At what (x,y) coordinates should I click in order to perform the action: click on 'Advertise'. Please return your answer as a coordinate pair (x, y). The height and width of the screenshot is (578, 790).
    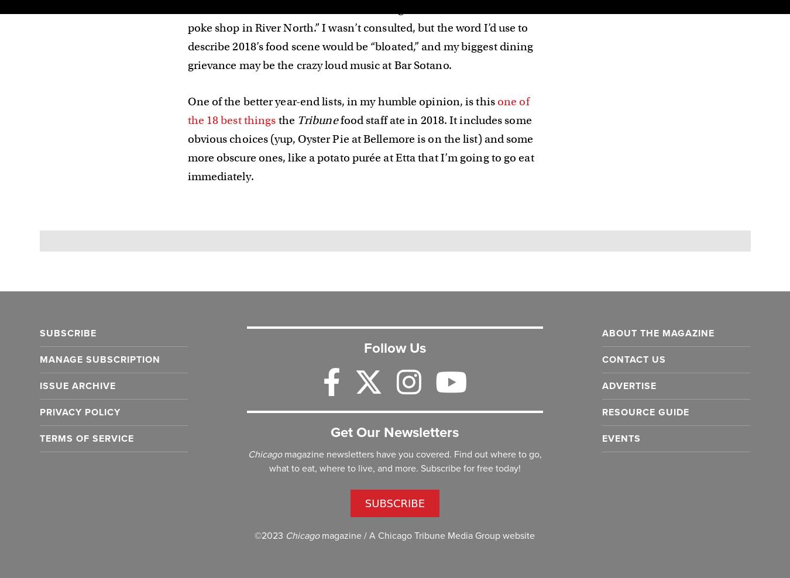
    Looking at the image, I should click on (629, 384).